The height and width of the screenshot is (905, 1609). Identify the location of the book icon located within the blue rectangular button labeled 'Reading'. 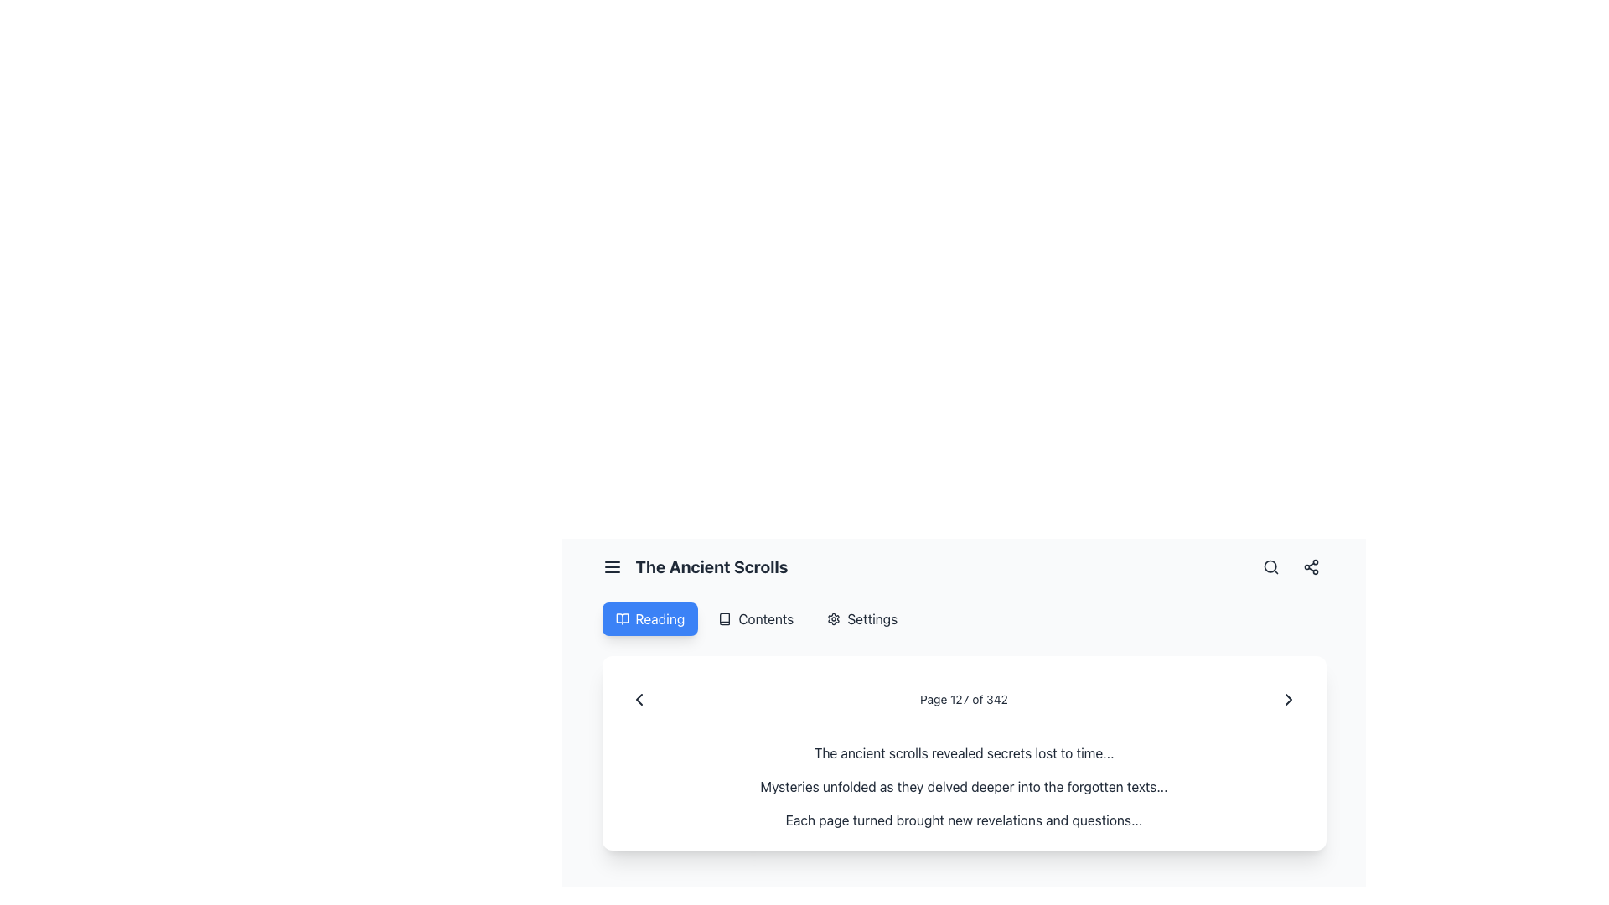
(621, 619).